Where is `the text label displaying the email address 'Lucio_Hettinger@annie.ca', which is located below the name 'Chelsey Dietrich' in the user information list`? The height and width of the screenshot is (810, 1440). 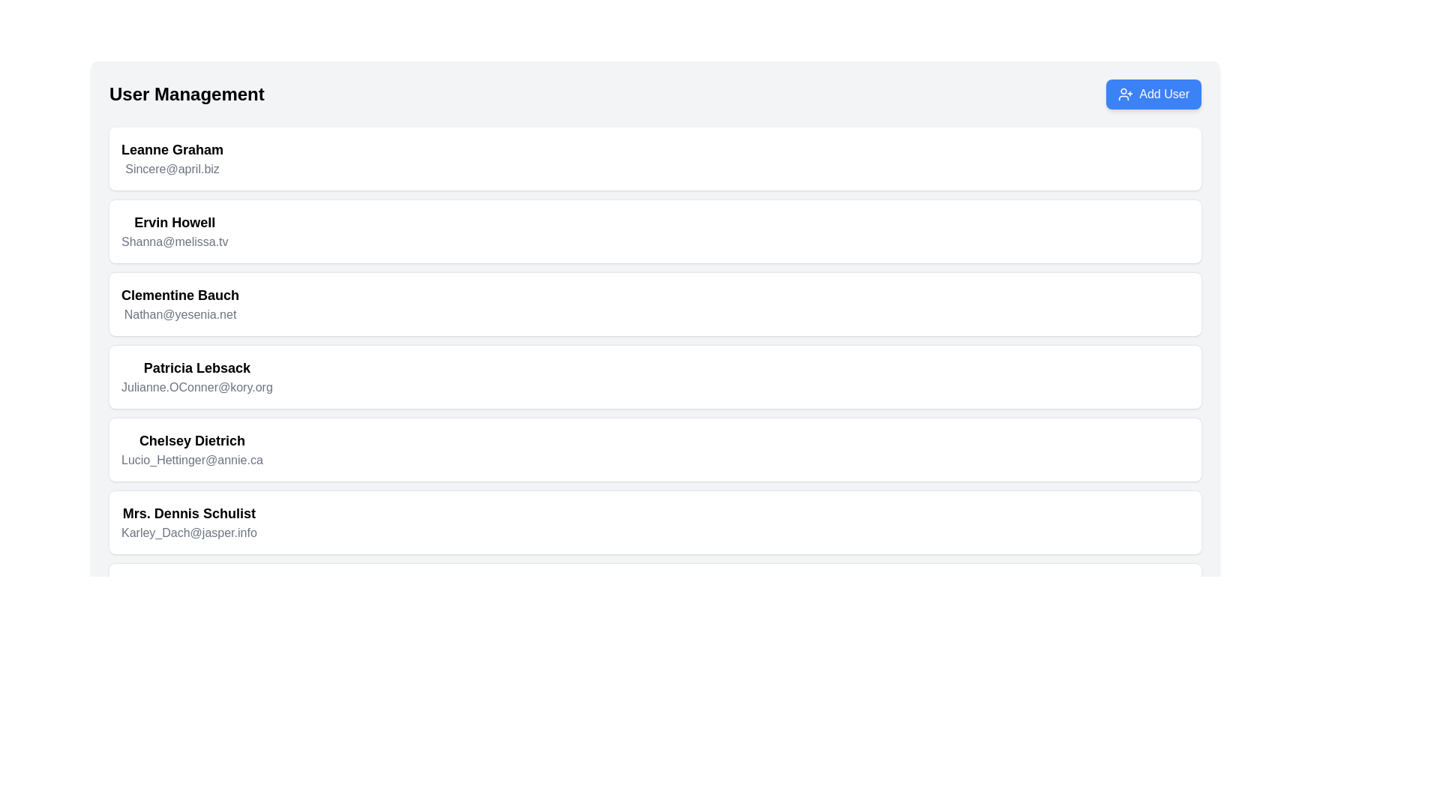
the text label displaying the email address 'Lucio_Hettinger@annie.ca', which is located below the name 'Chelsey Dietrich' in the user information list is located at coordinates (191, 459).